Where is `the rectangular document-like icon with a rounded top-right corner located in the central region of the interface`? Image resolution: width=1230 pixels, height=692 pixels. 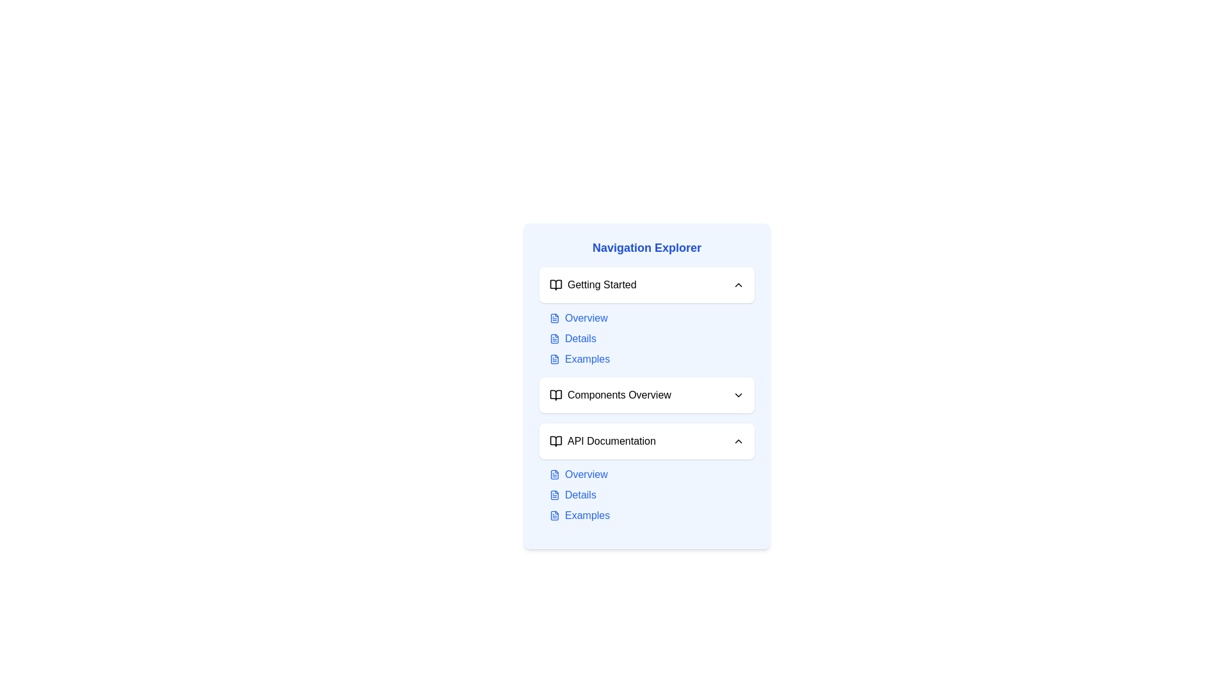
the rectangular document-like icon with a rounded top-right corner located in the central region of the interface is located at coordinates (554, 318).